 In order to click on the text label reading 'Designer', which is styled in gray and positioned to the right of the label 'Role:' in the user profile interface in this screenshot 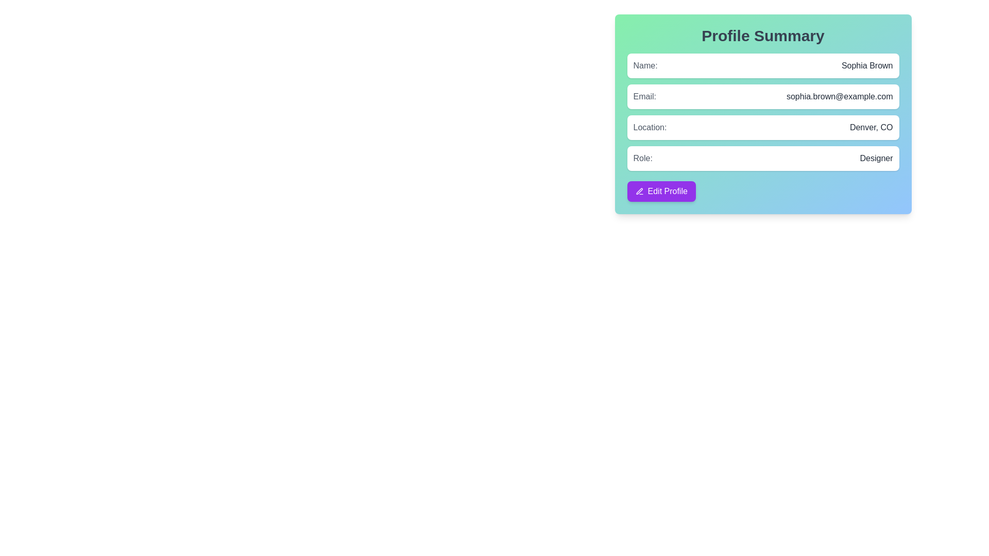, I will do `click(876, 159)`.